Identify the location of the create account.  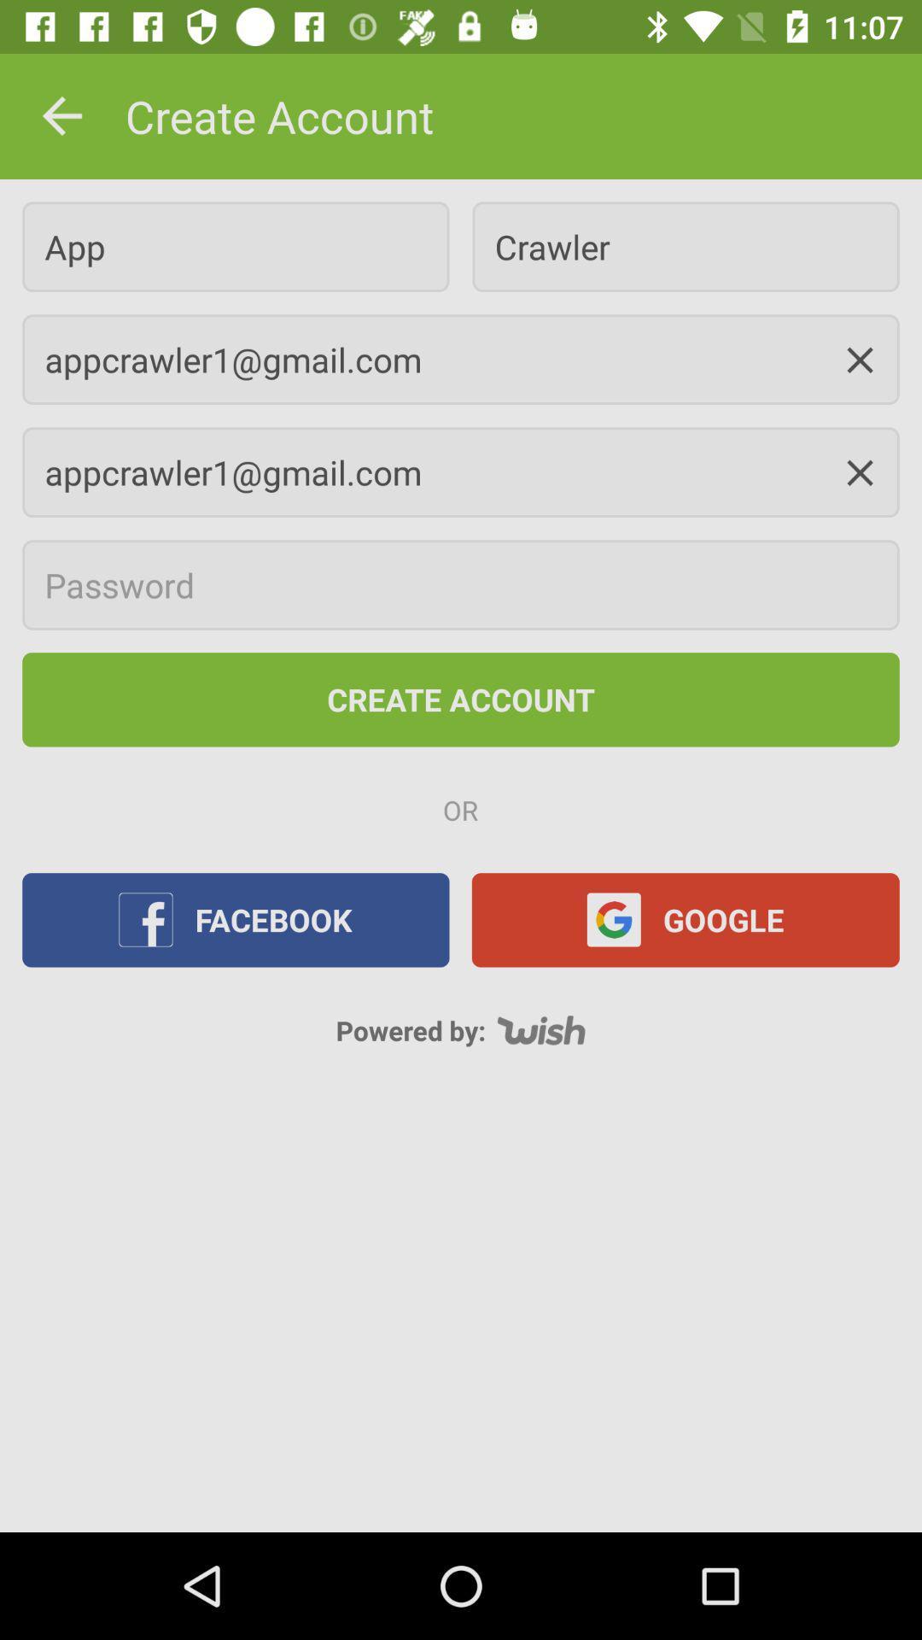
(461, 700).